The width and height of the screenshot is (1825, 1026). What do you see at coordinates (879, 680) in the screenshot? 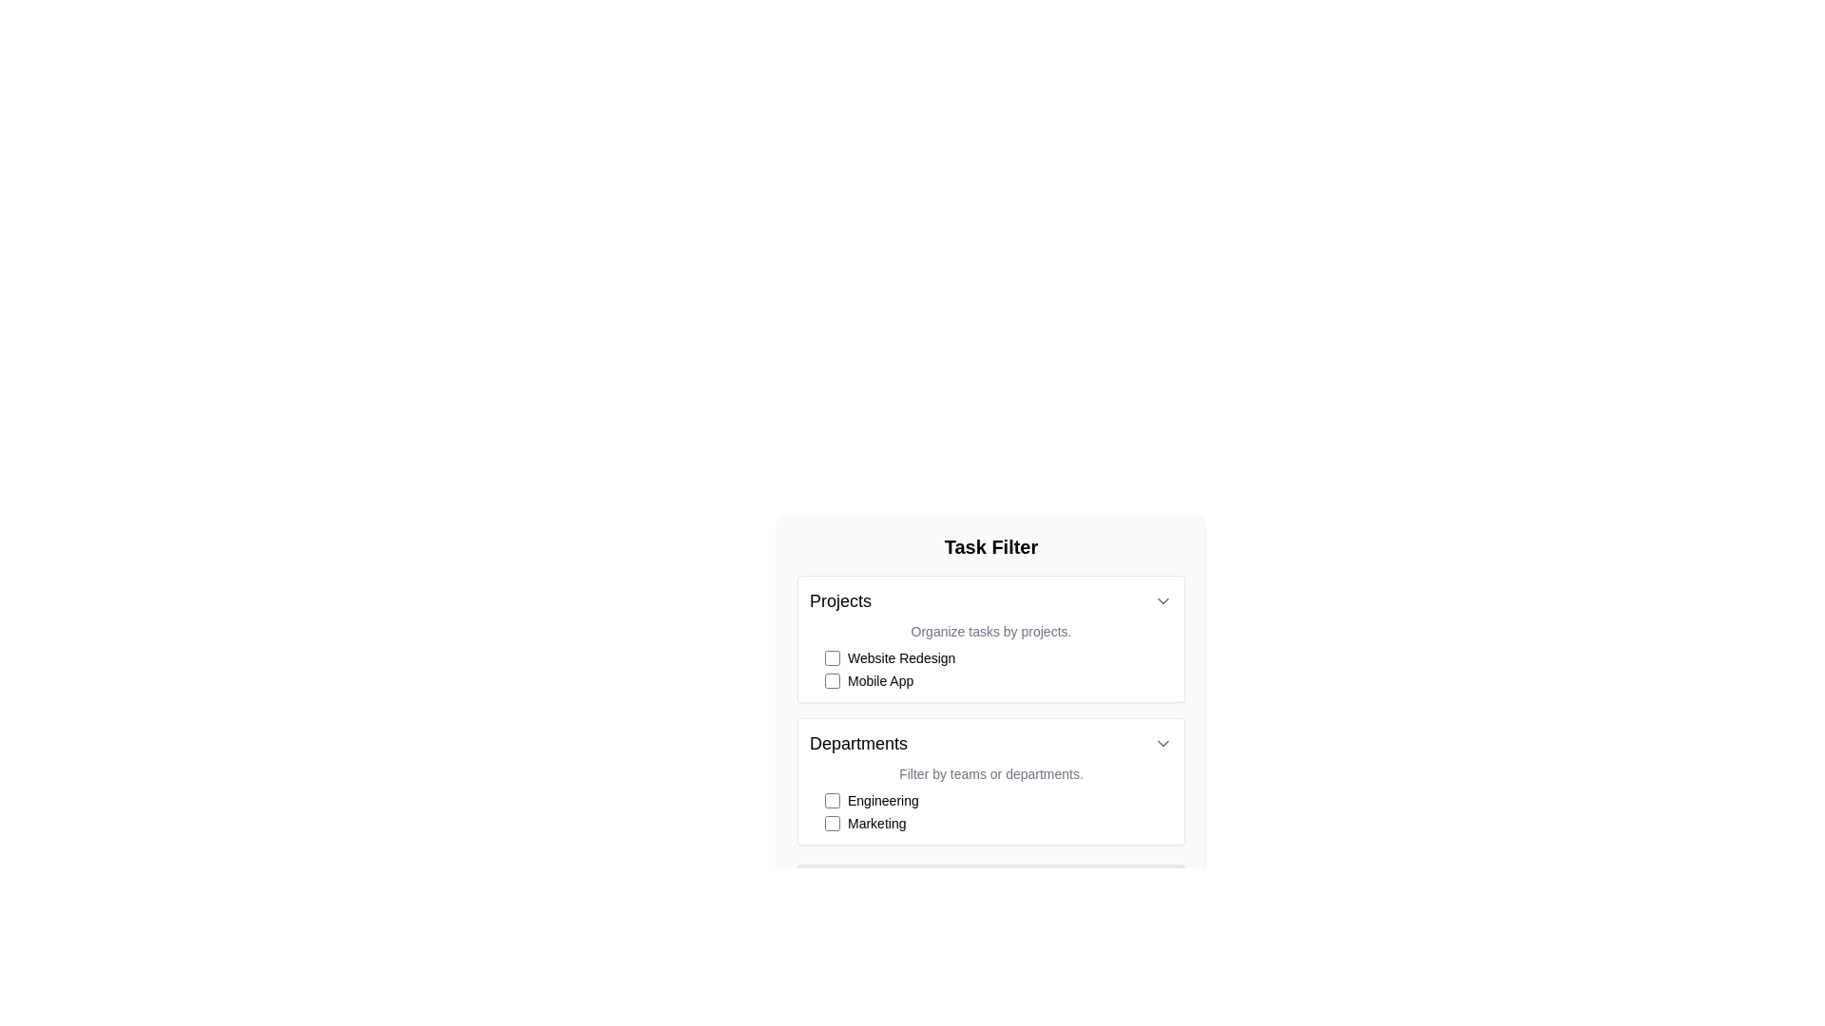
I see `the 'Mobile App' label to associate it with the checkbox beside it for selection` at bounding box center [879, 680].